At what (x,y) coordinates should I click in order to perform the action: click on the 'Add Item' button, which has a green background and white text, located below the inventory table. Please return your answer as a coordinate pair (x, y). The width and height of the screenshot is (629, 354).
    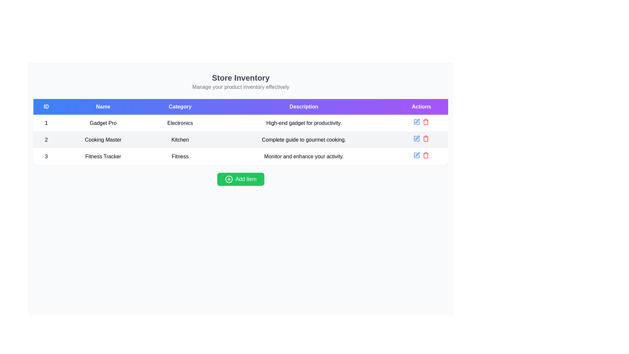
    Looking at the image, I should click on (240, 179).